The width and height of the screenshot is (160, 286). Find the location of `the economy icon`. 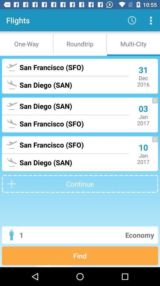

the economy icon is located at coordinates (102, 235).